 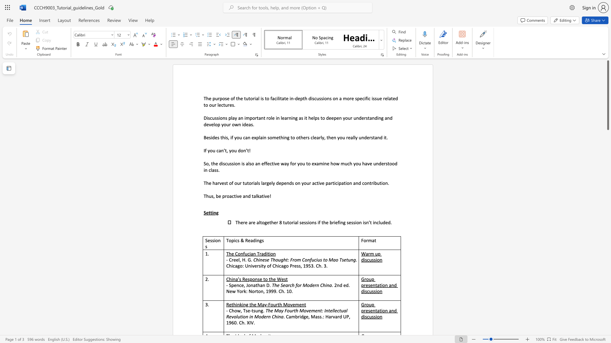 I want to click on the vertical scrollbar to lower the page content, so click(x=607, y=324).